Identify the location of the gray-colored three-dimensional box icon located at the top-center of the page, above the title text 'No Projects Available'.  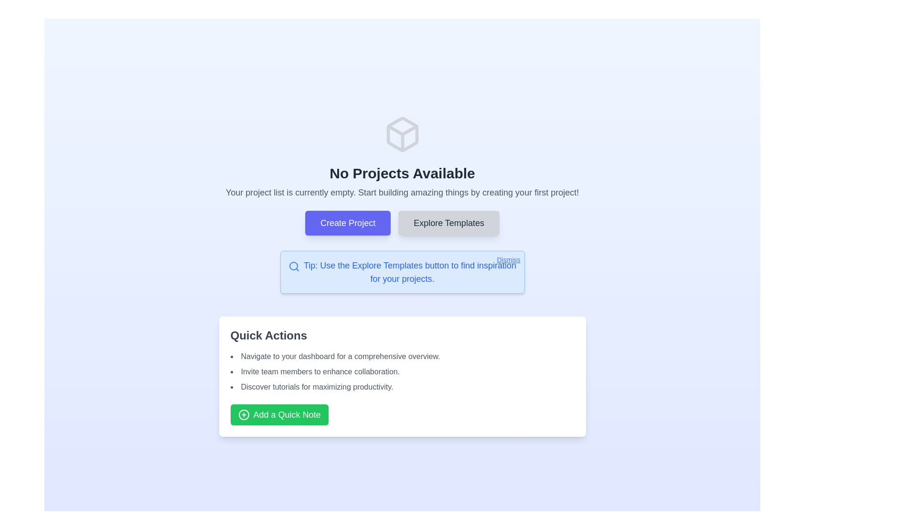
(402, 134).